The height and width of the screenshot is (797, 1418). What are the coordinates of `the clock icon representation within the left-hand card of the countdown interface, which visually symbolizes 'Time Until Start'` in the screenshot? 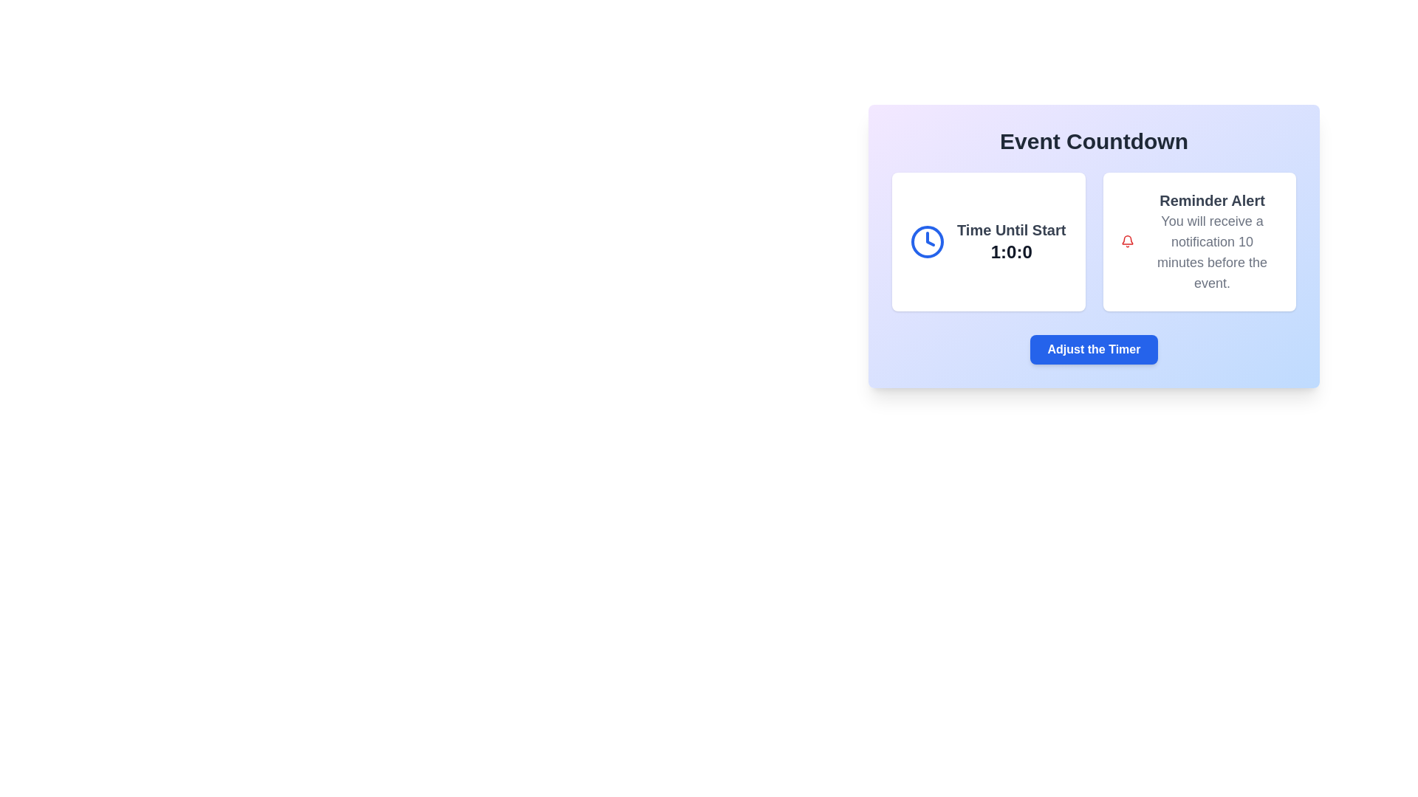 It's located at (927, 241).